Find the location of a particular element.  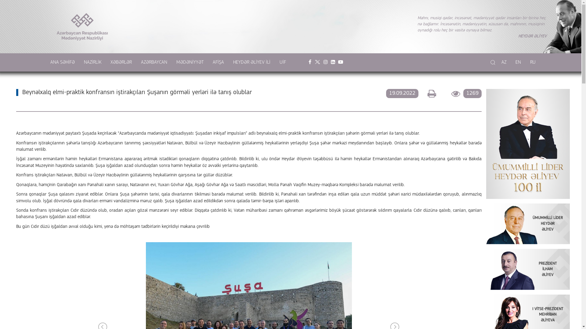

'EN' is located at coordinates (518, 62).